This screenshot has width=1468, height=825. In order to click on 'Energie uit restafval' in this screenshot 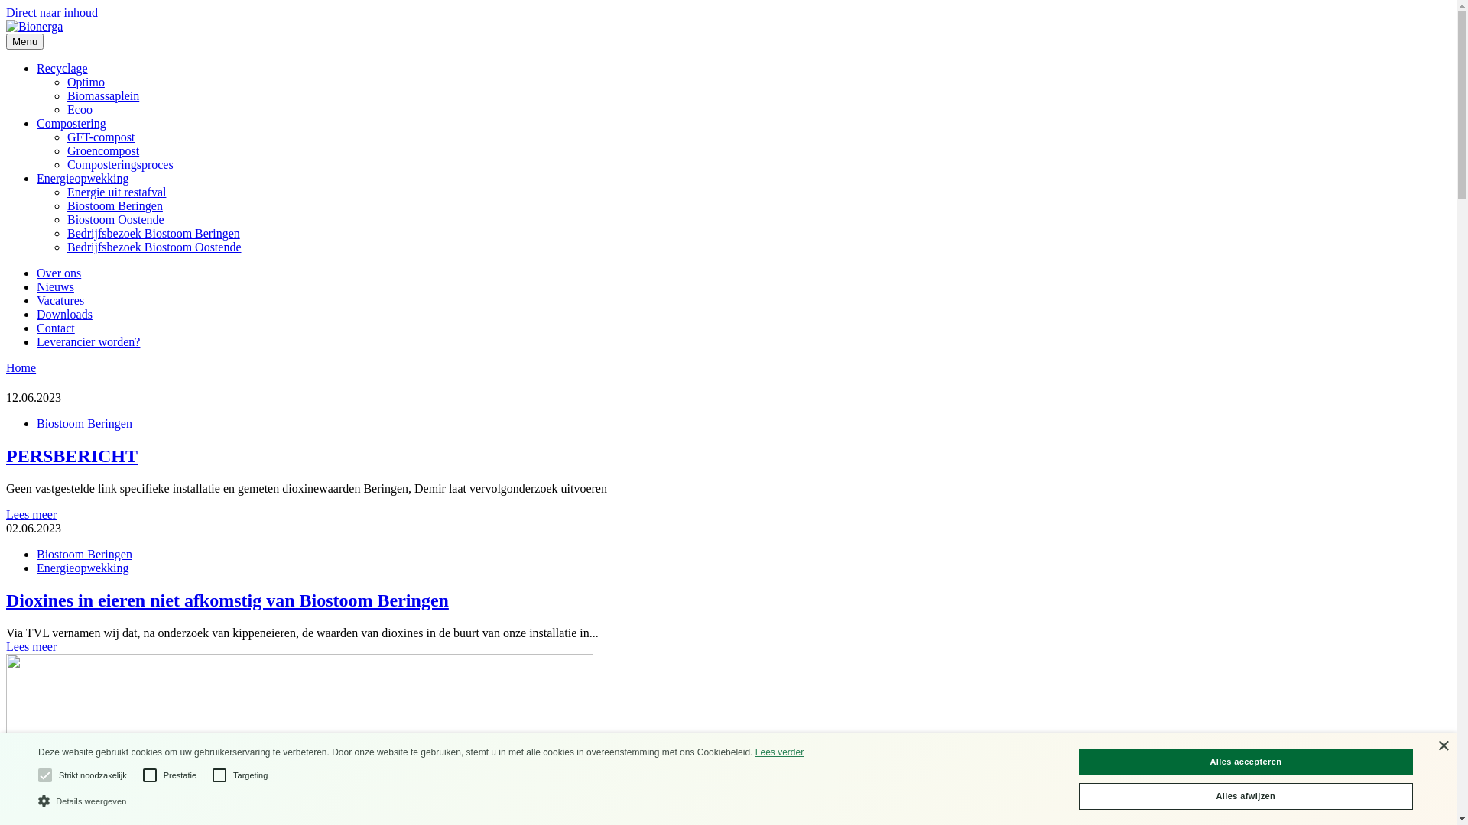, I will do `click(66, 191)`.